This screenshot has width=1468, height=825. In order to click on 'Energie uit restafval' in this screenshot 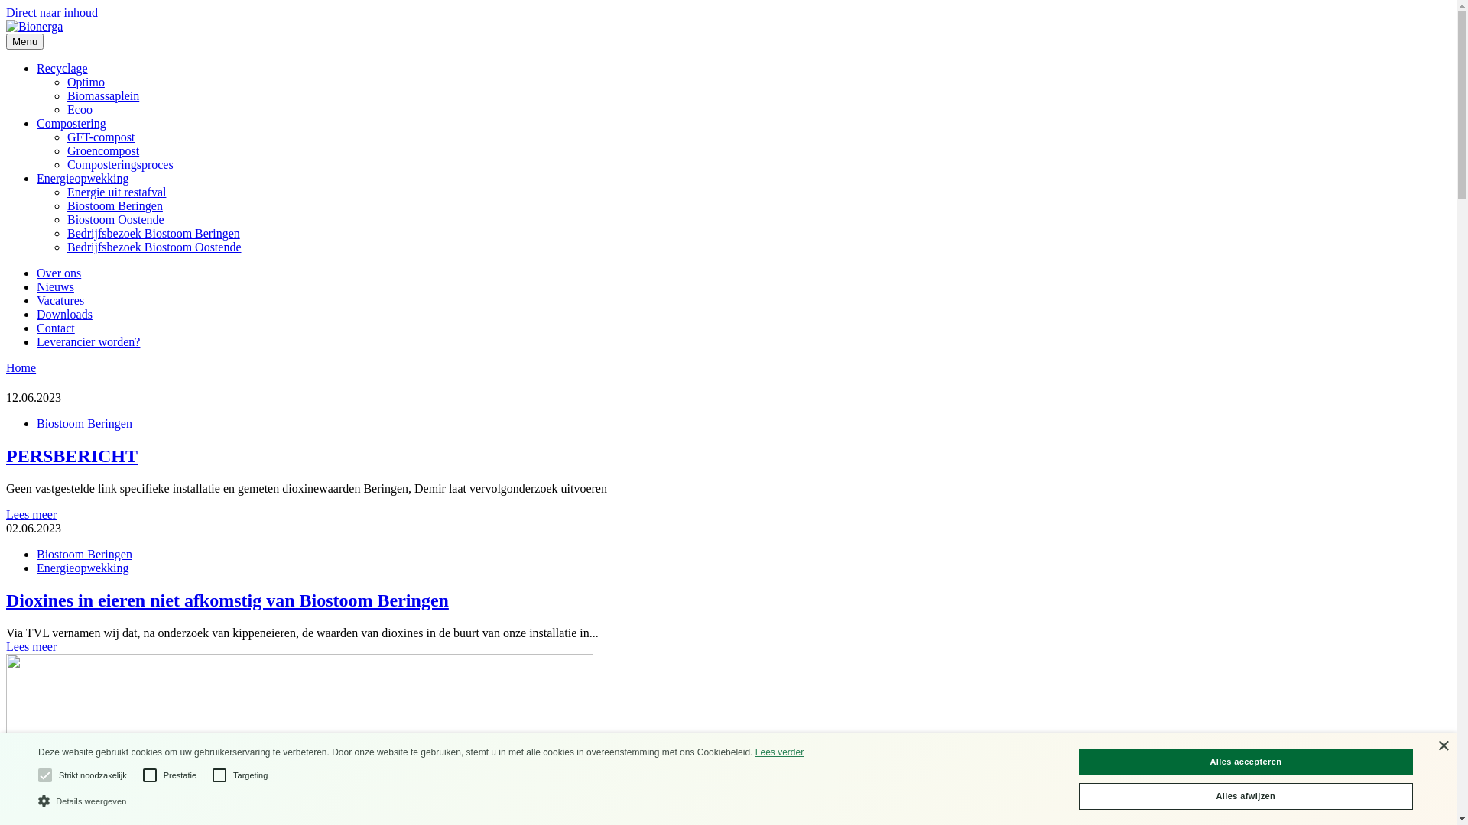, I will do `click(66, 191)`.